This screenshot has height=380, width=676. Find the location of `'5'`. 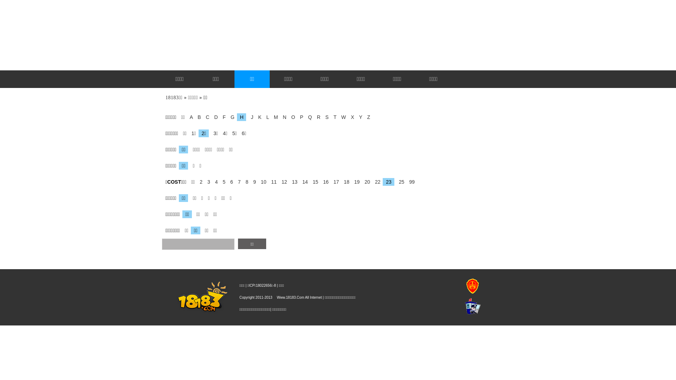

'5' is located at coordinates (221, 181).